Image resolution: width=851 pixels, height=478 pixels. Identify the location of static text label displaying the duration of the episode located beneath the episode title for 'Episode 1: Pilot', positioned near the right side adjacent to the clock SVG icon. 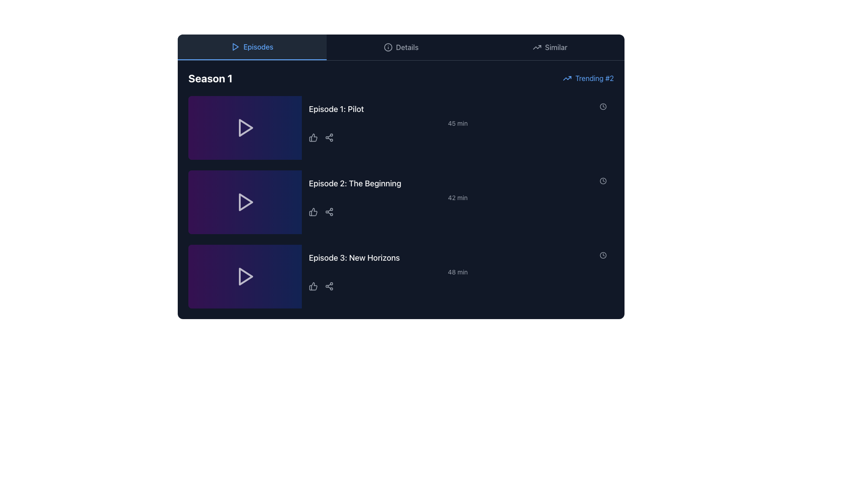
(457, 123).